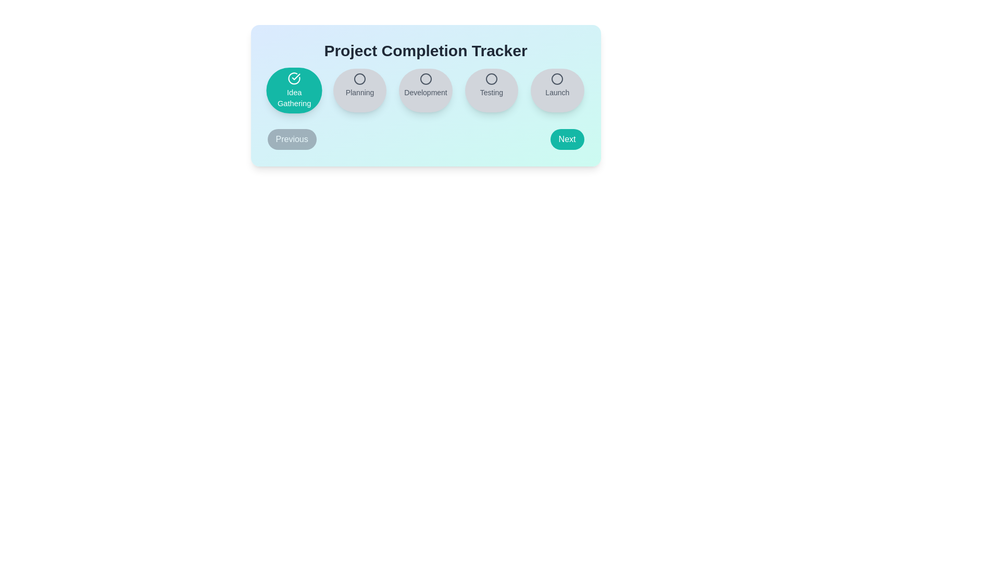 This screenshot has width=1000, height=562. What do you see at coordinates (491, 78) in the screenshot?
I see `the fourth status icon` at bounding box center [491, 78].